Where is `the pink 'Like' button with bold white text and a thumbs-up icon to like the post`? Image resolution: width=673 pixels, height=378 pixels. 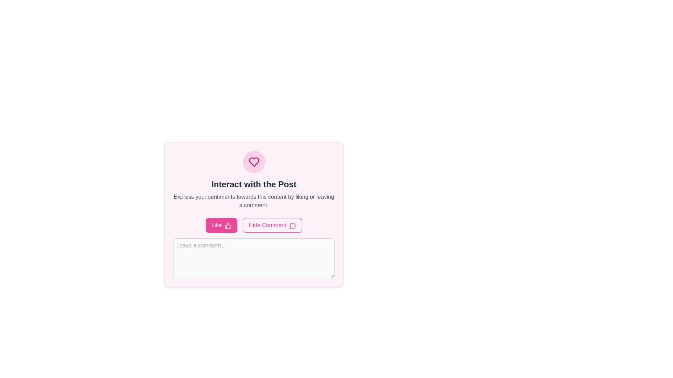
the pink 'Like' button with bold white text and a thumbs-up icon to like the post is located at coordinates (221, 225).